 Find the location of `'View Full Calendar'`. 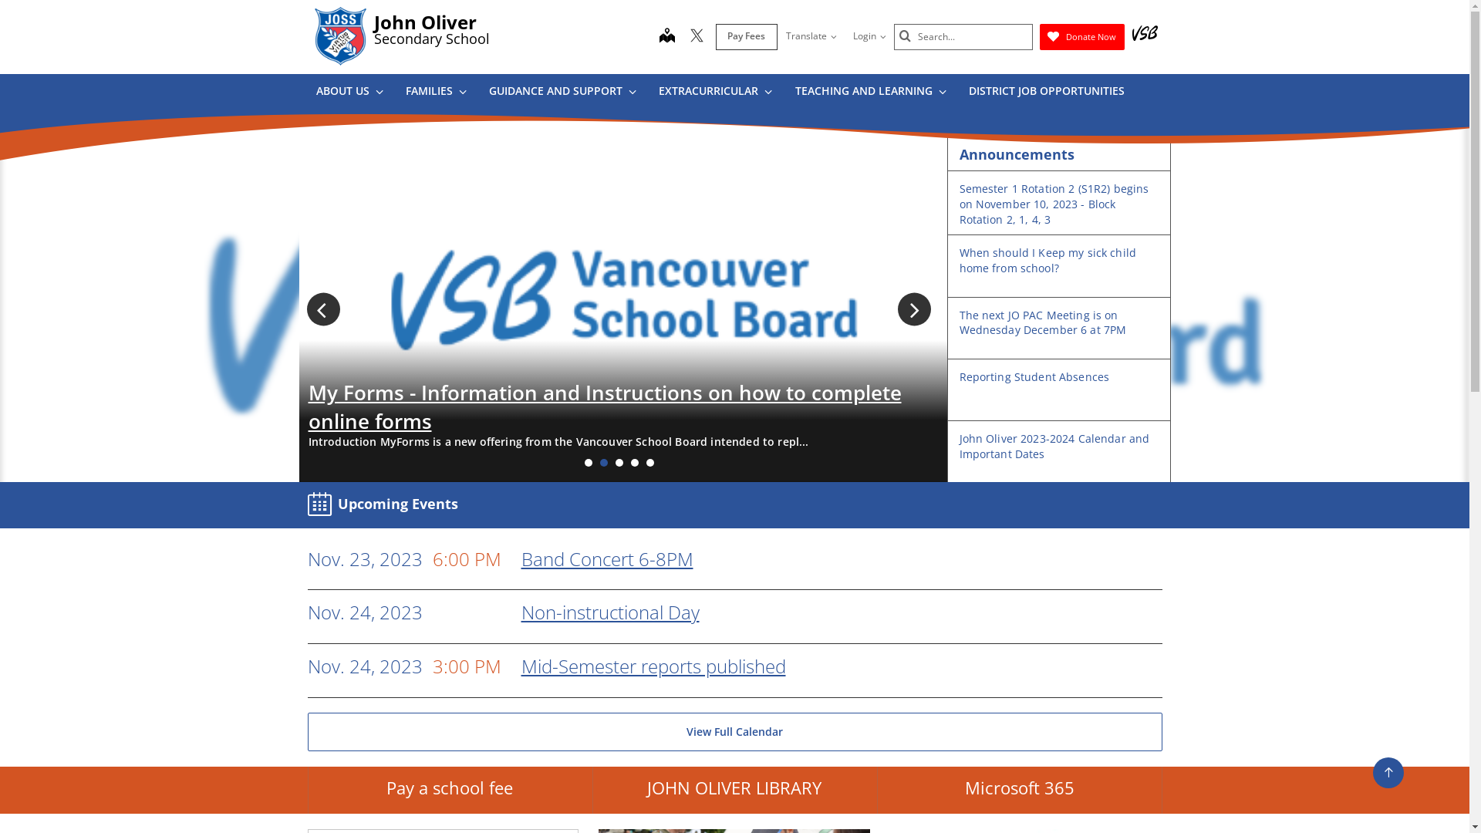

'View Full Calendar' is located at coordinates (733, 730).